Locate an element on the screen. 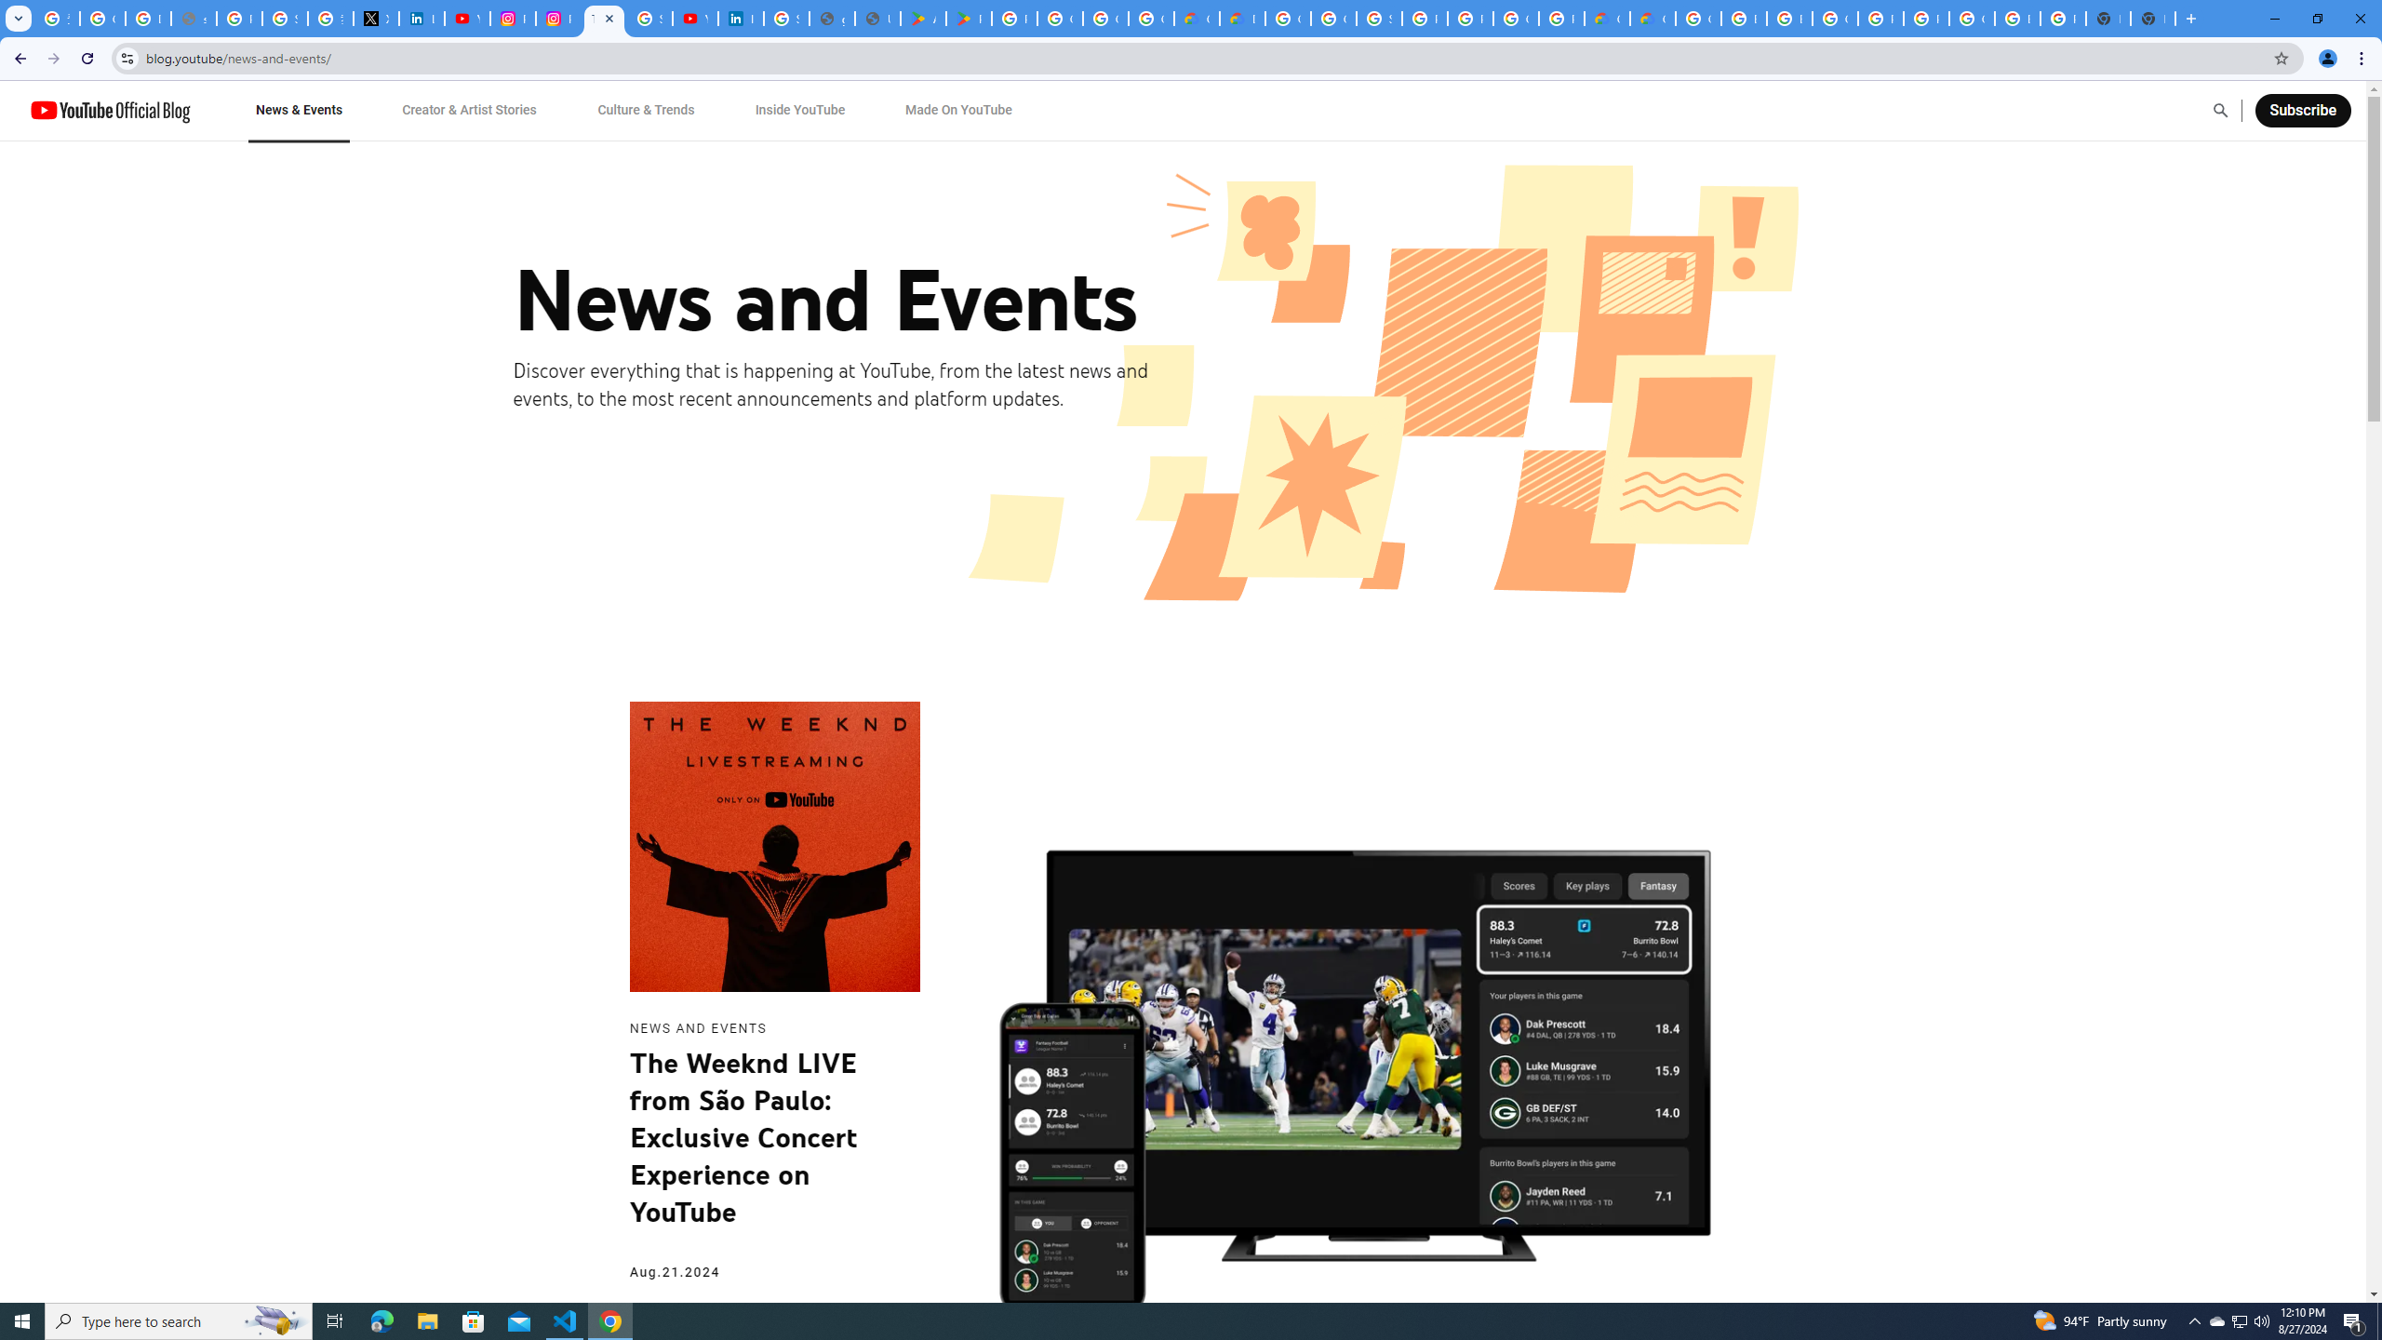 The width and height of the screenshot is (2382, 1340). 'Android Apps on Google Play' is located at coordinates (923, 18).